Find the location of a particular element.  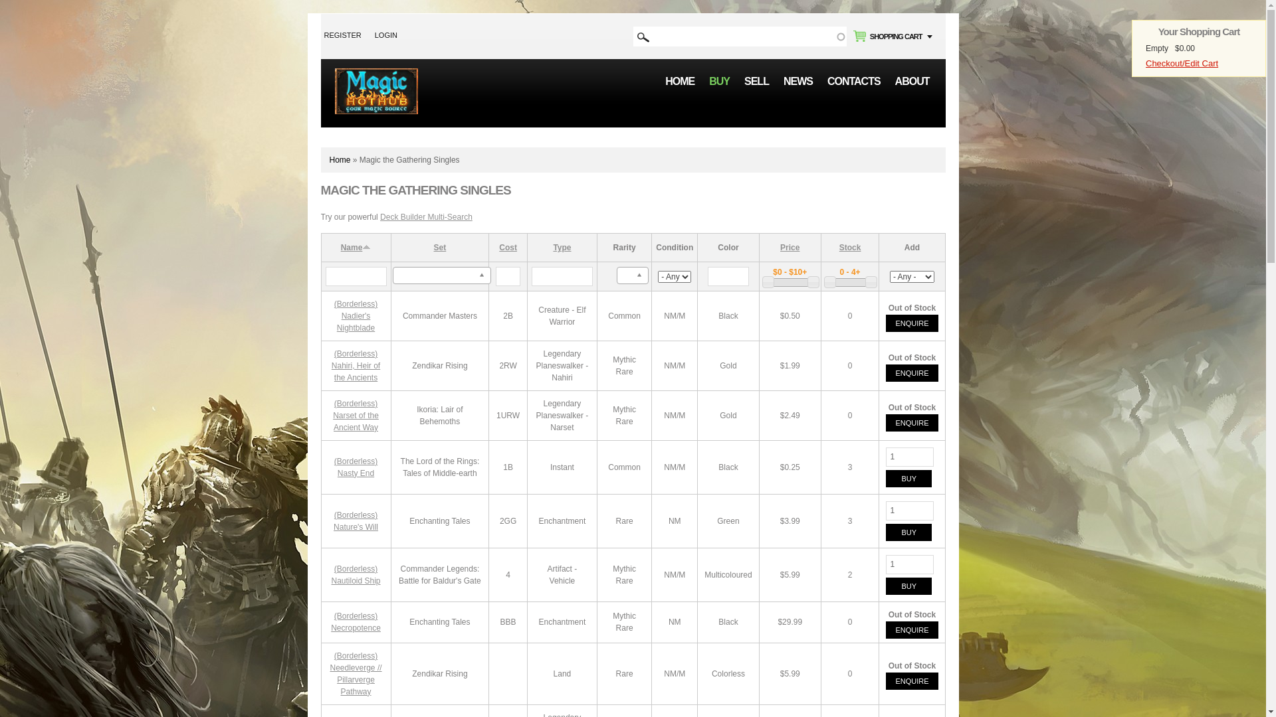

'Type' is located at coordinates (562, 248).